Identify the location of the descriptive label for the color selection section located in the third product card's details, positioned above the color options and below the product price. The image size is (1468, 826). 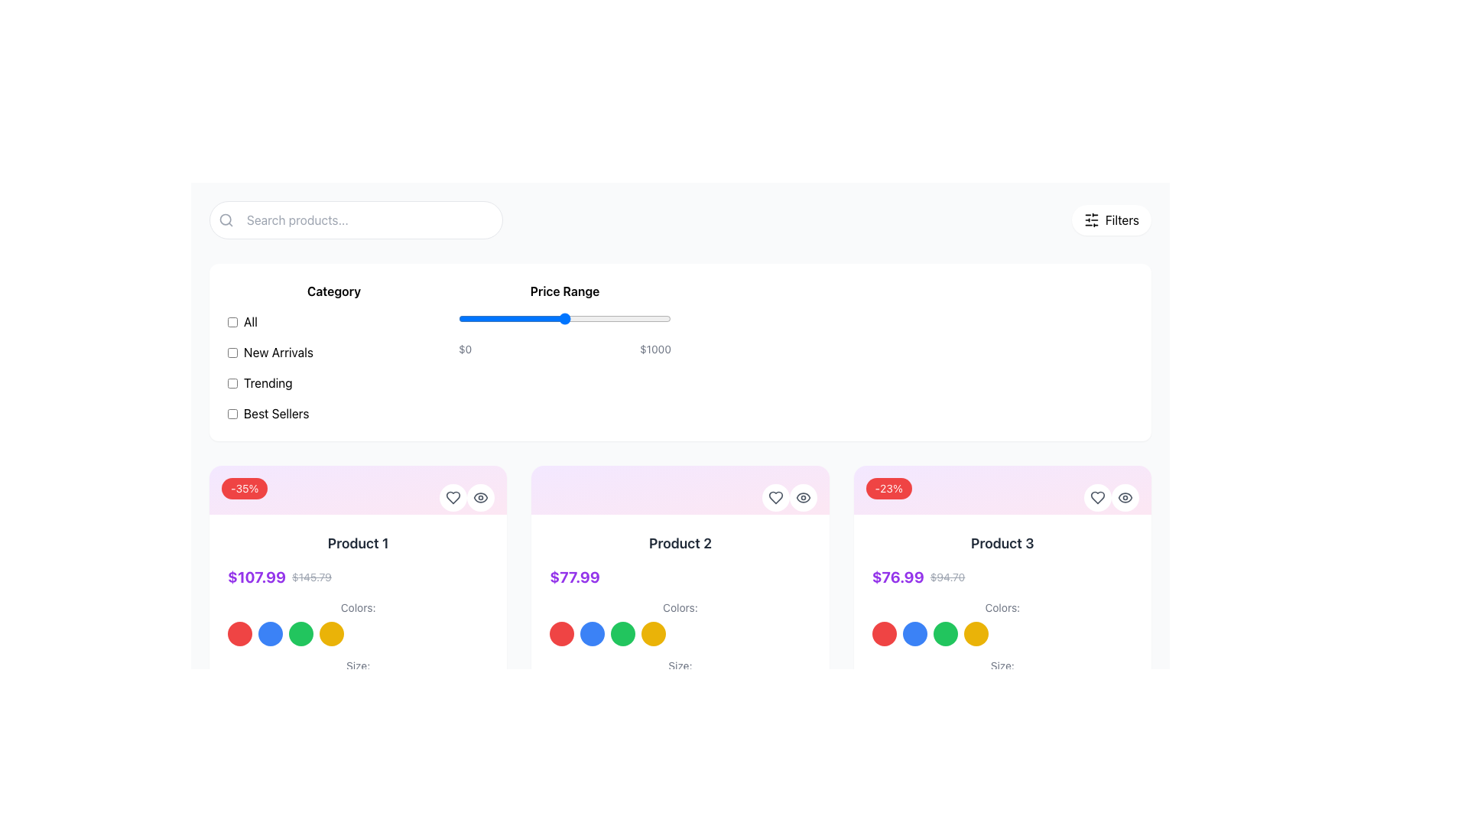
(1002, 606).